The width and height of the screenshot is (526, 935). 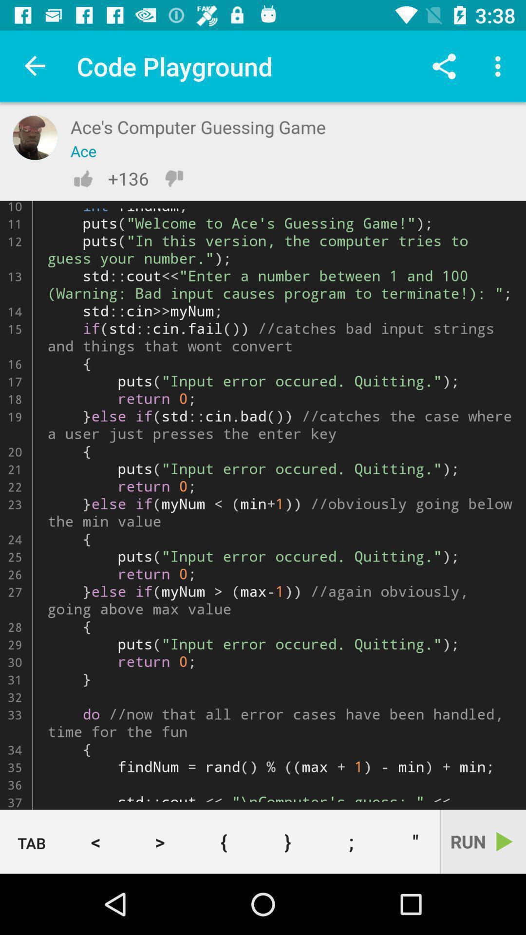 What do you see at coordinates (82, 178) in the screenshot?
I see `the thumbs_up icon` at bounding box center [82, 178].